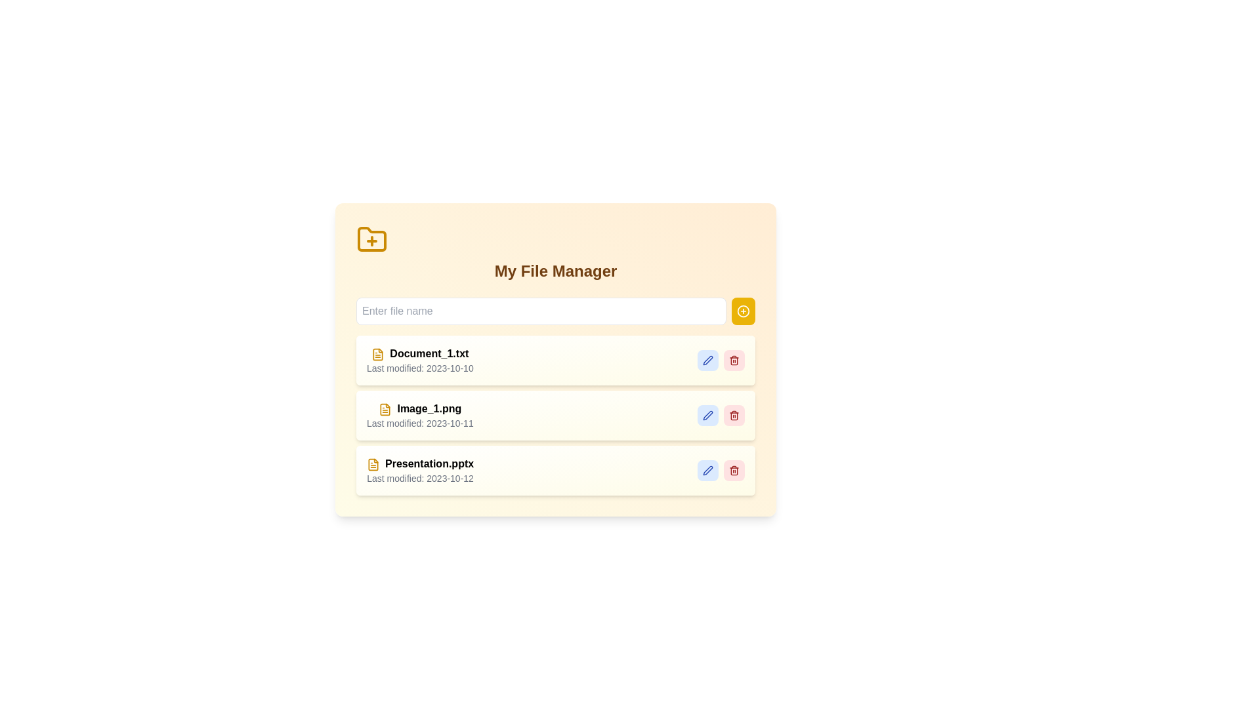  Describe the element at coordinates (420, 423) in the screenshot. I see `text label that indicates the last modification date of the associated file, located below 'Image_1.png' in the second row of the file item list` at that location.